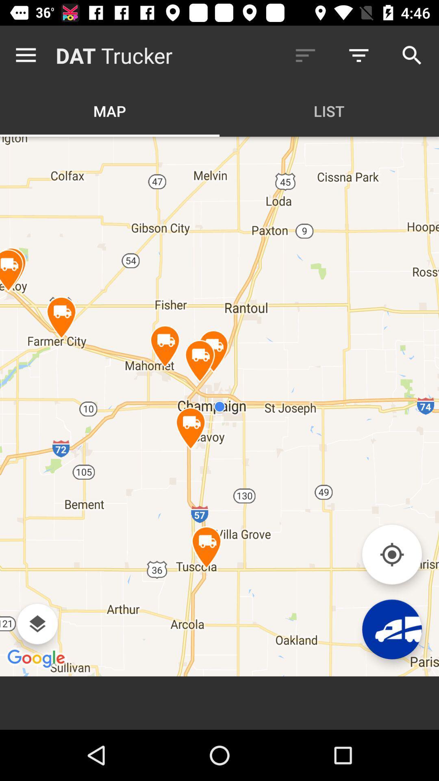  I want to click on the item below the map, so click(219, 406).